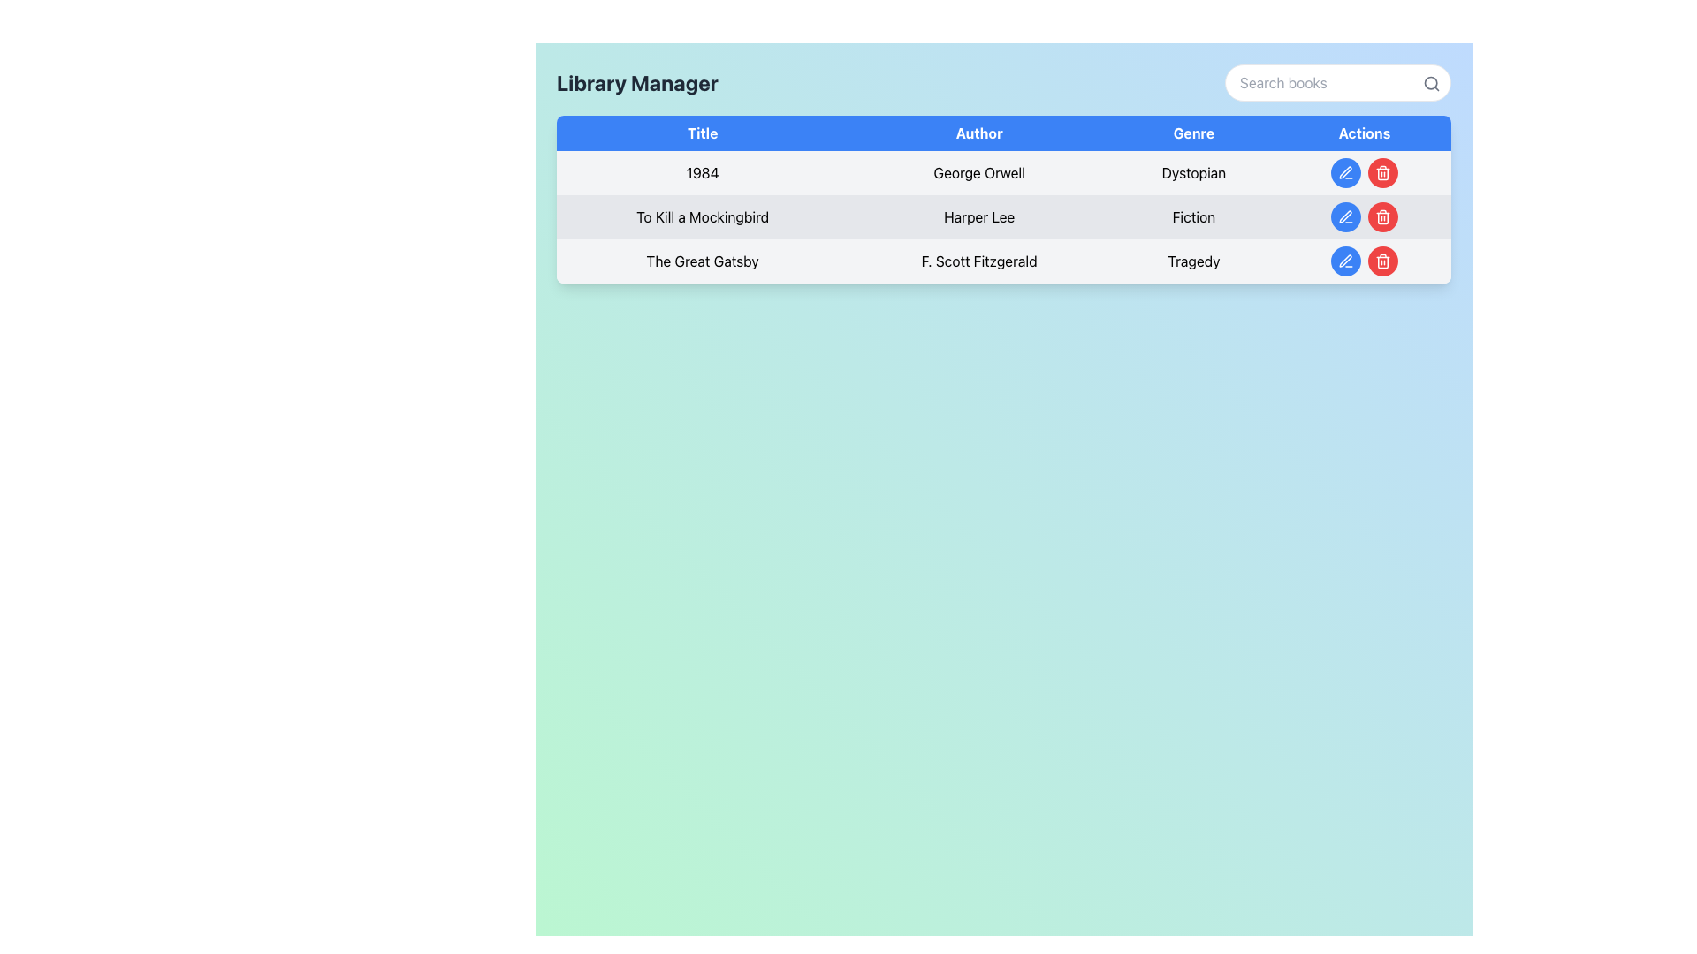 The height and width of the screenshot is (954, 1697). Describe the element at coordinates (1344, 172) in the screenshot. I see `the pen-shaped icon in the 'Actions' column of the first row of the data table` at that location.